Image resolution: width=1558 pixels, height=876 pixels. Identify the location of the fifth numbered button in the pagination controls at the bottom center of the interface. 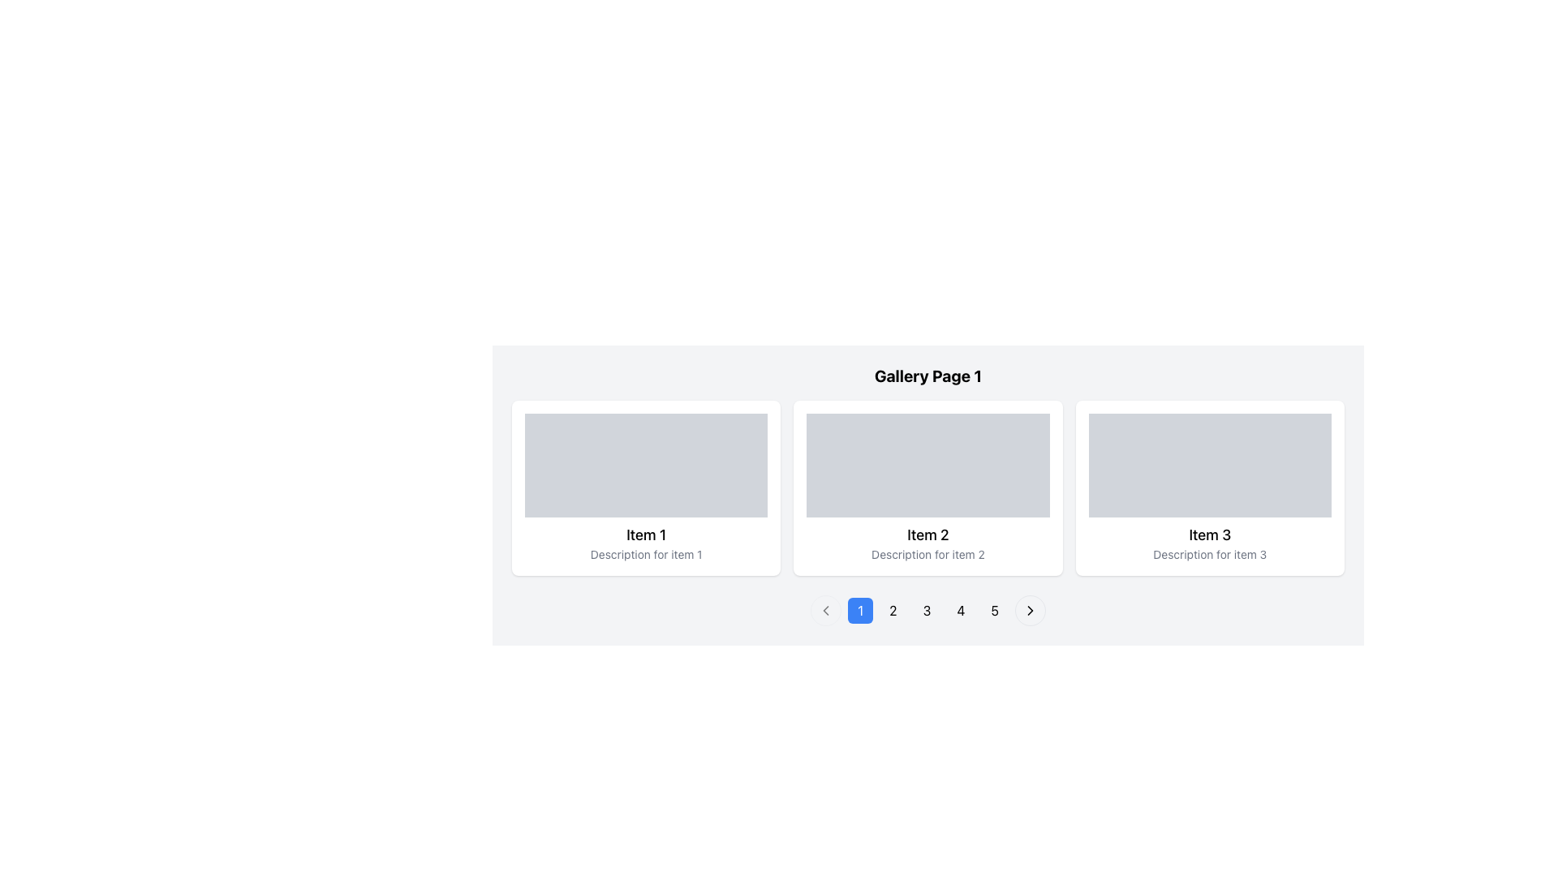
(994, 610).